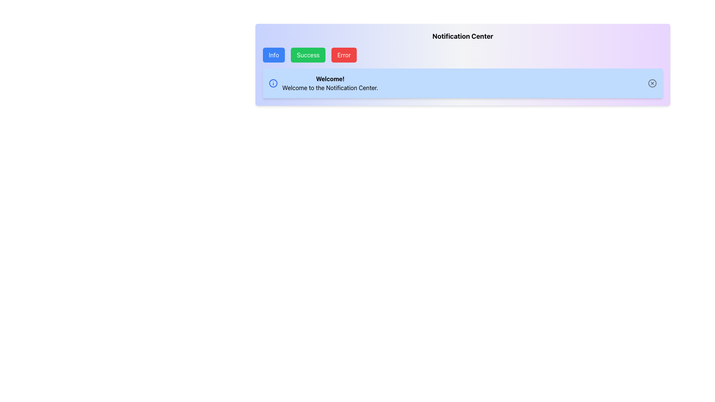 The width and height of the screenshot is (715, 402). I want to click on the blue 'Info' button with white text, so click(273, 54).